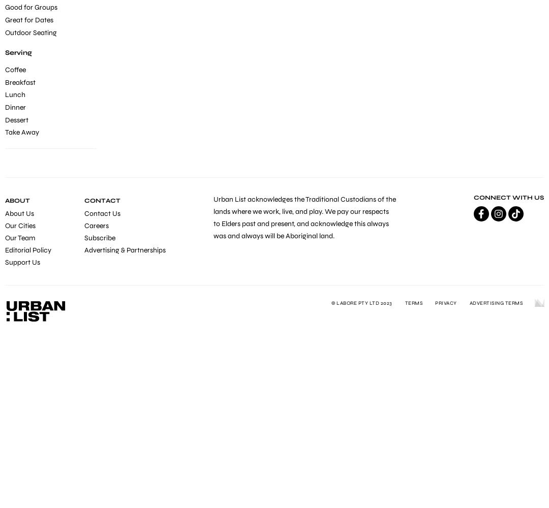 This screenshot has height=508, width=549. Describe the element at coordinates (19, 213) in the screenshot. I see `'About Us'` at that location.